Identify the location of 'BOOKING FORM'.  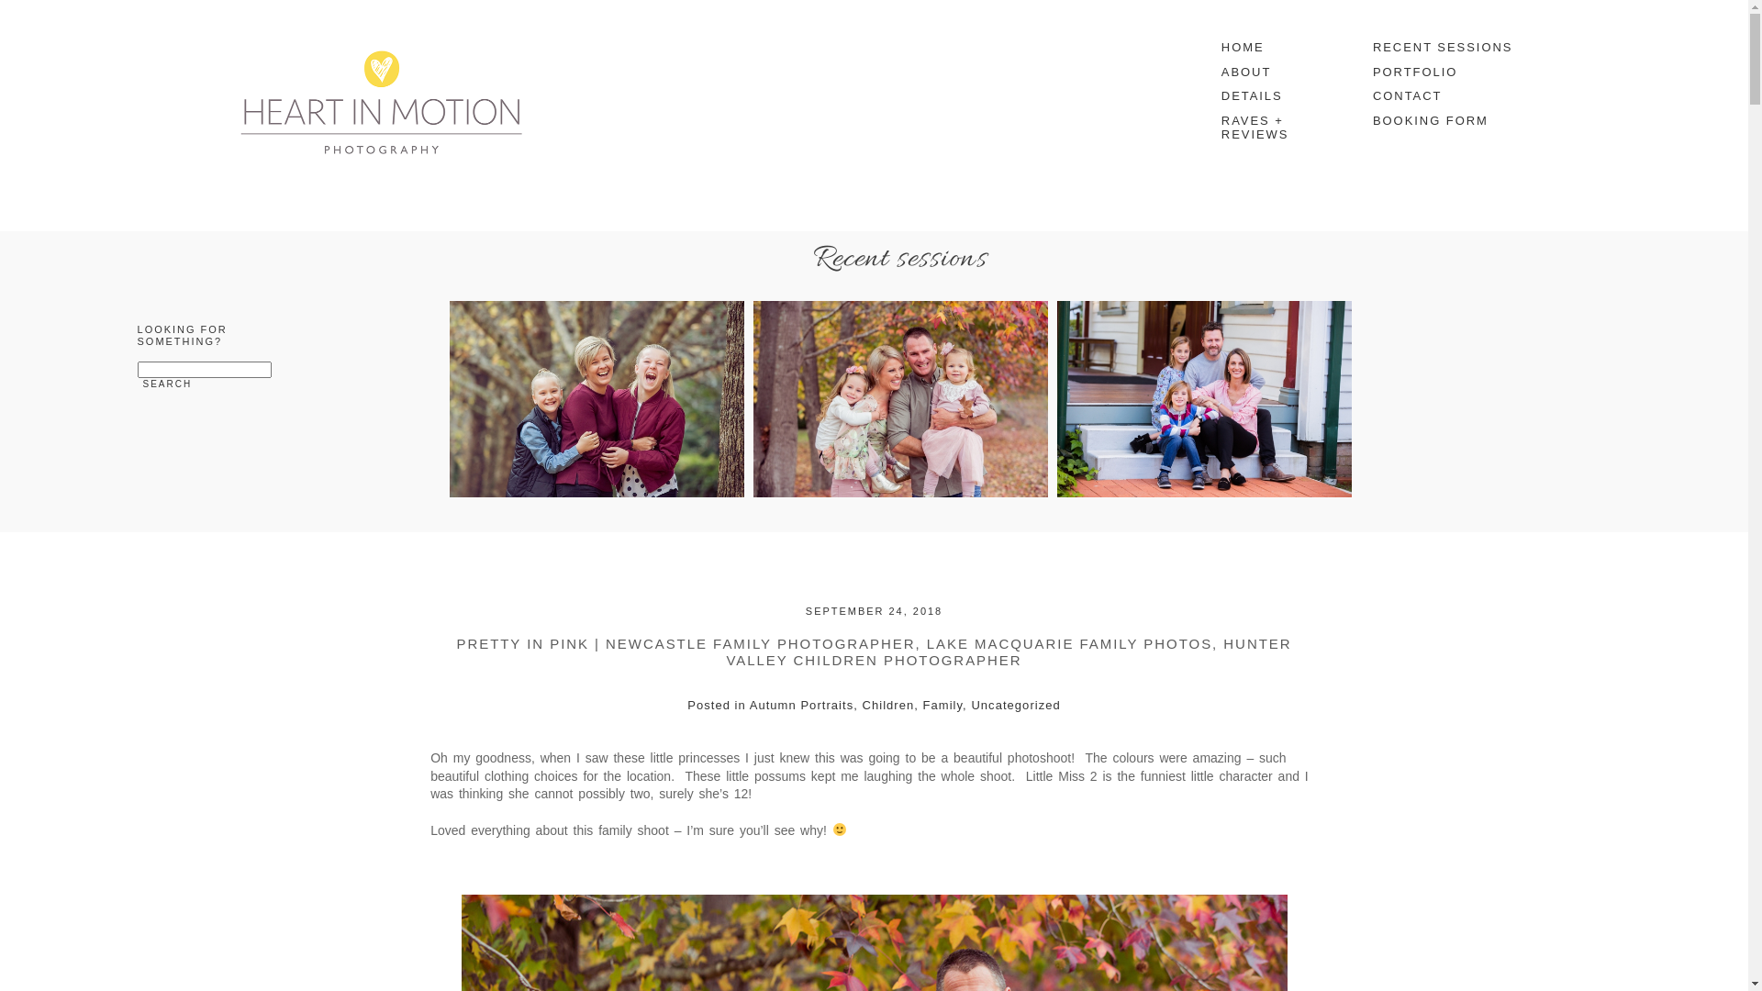
(1364, 121).